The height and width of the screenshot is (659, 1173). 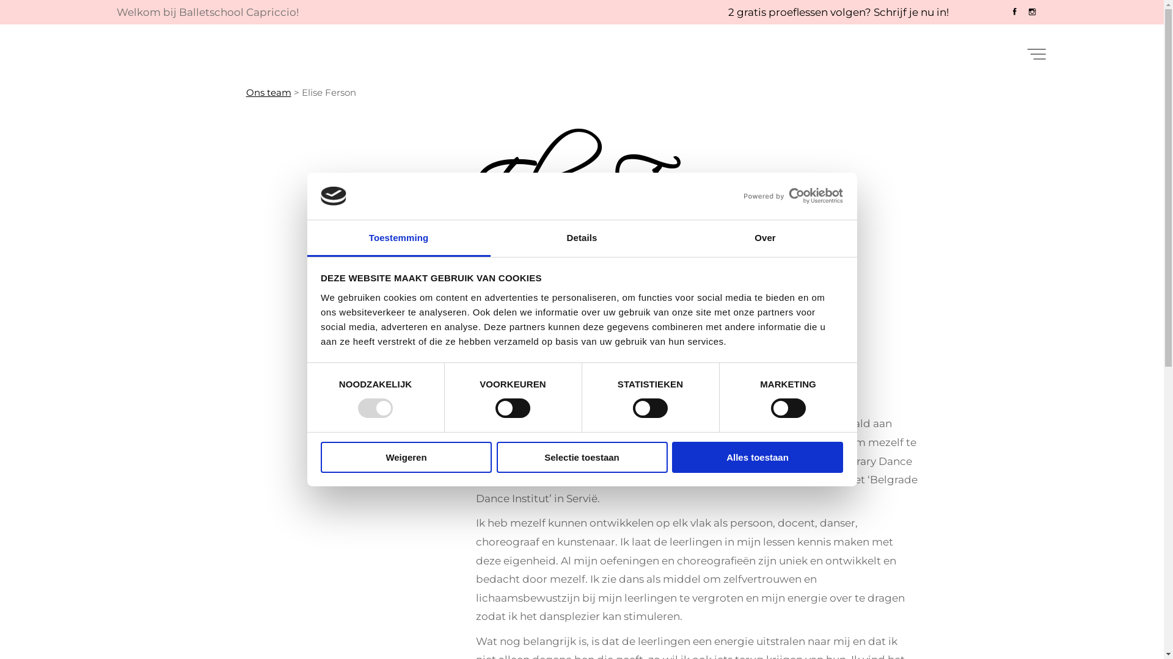 I want to click on 'Alles toestaan', so click(x=756, y=457).